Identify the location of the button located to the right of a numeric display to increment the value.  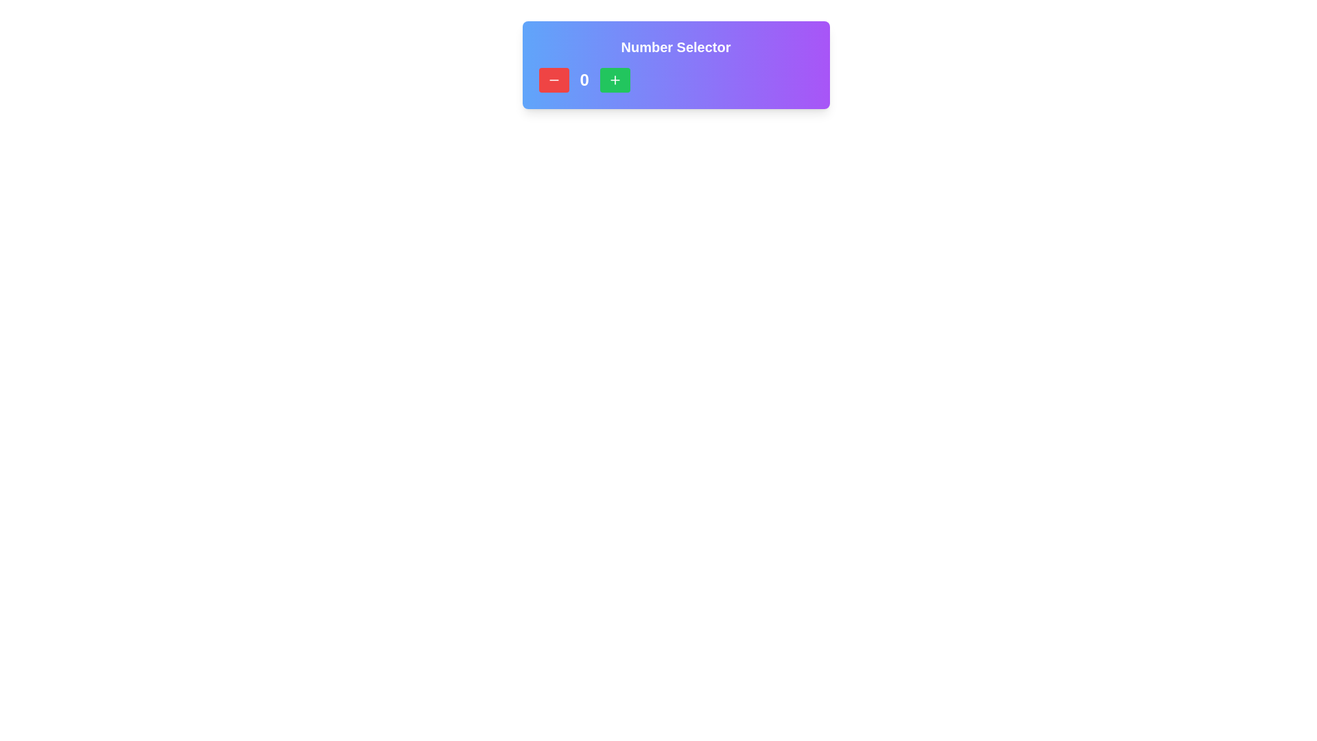
(614, 80).